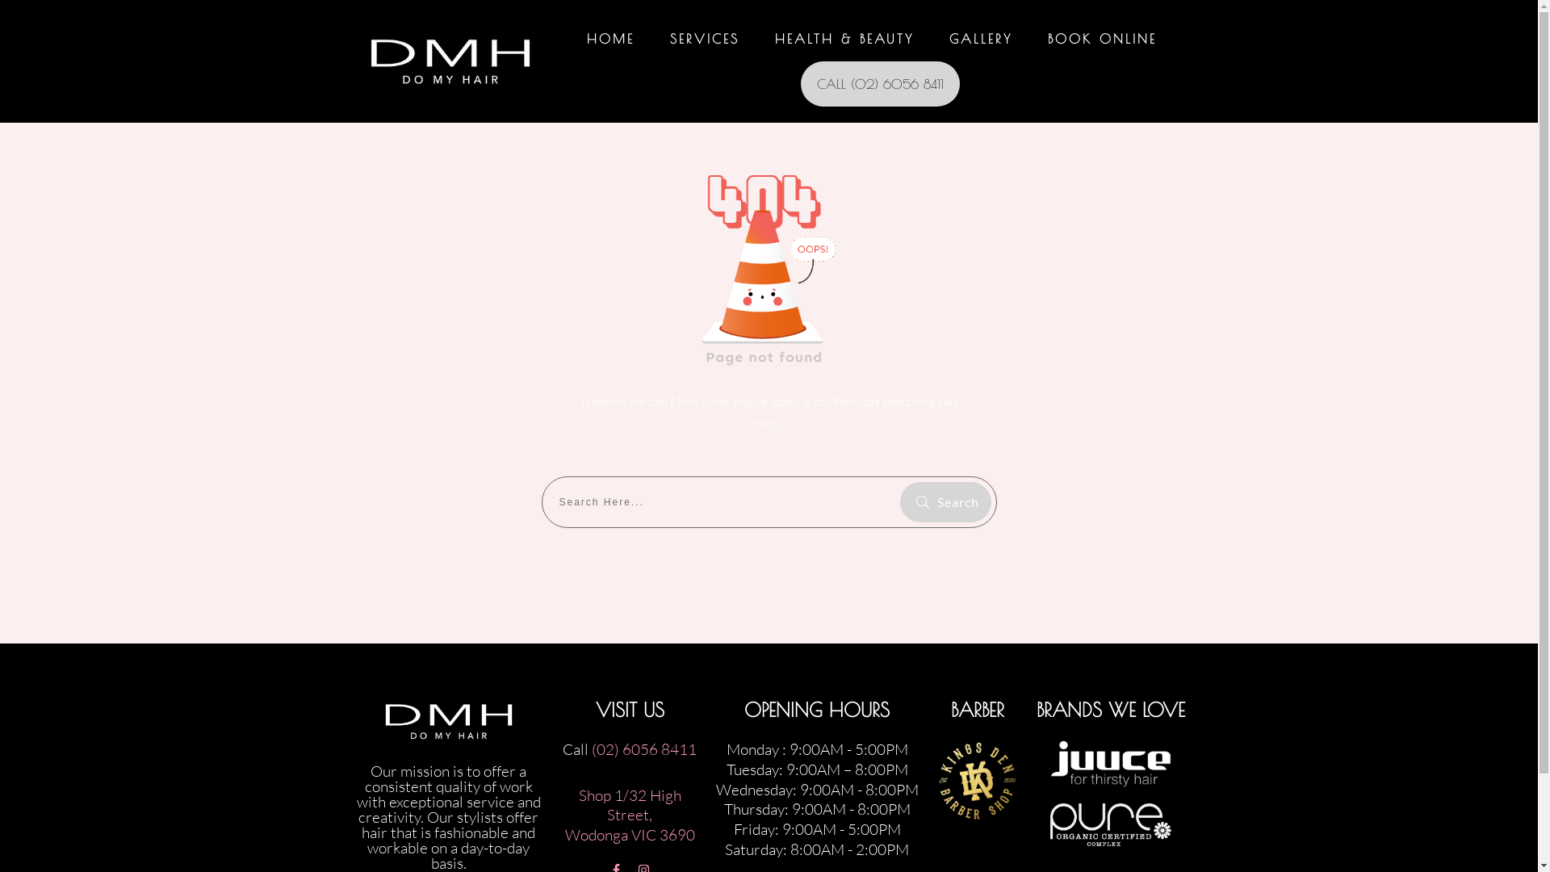 This screenshot has height=872, width=1550. I want to click on 'SERVICES', so click(705, 37).